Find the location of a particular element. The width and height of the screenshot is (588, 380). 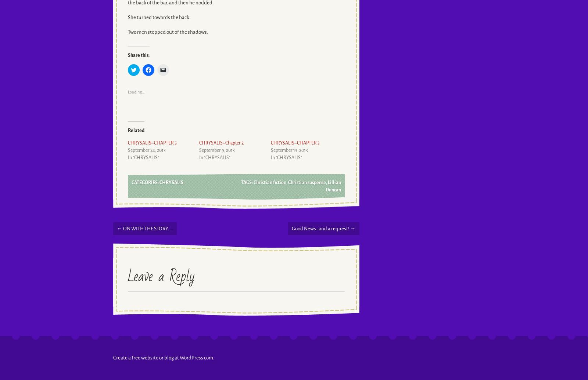

'Tags:' is located at coordinates (241, 182).